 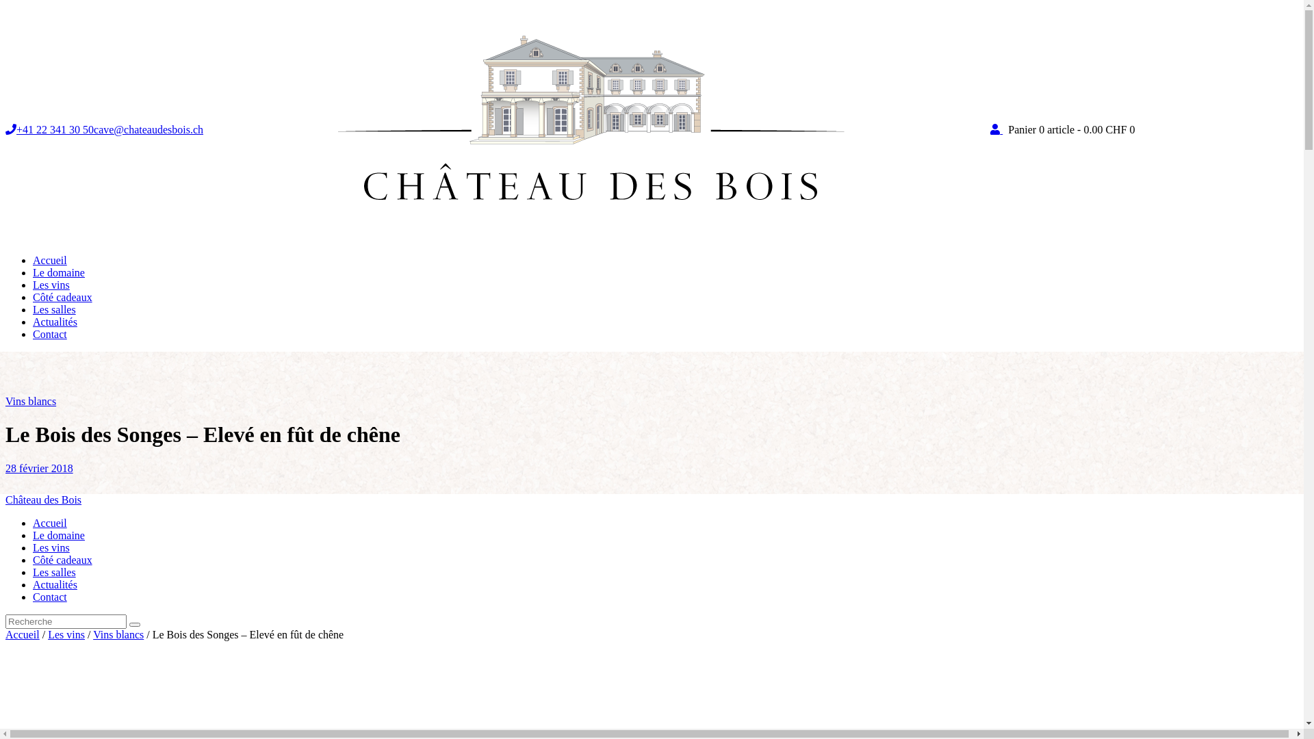 What do you see at coordinates (58, 534) in the screenshot?
I see `'Le domaine'` at bounding box center [58, 534].